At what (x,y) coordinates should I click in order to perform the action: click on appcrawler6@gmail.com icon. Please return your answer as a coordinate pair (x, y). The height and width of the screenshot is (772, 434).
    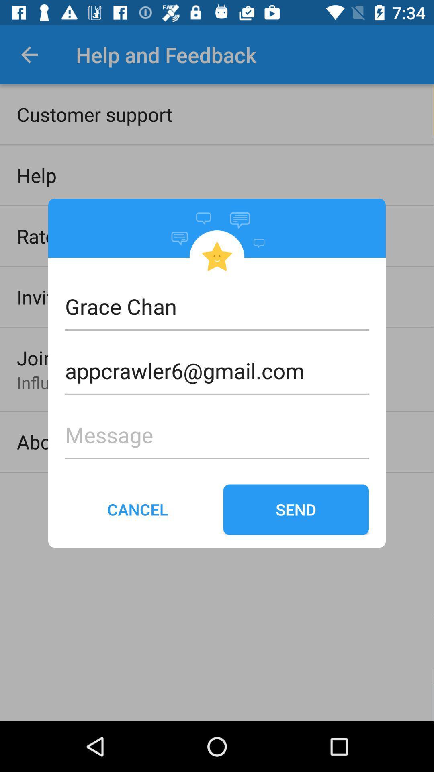
    Looking at the image, I should click on (217, 357).